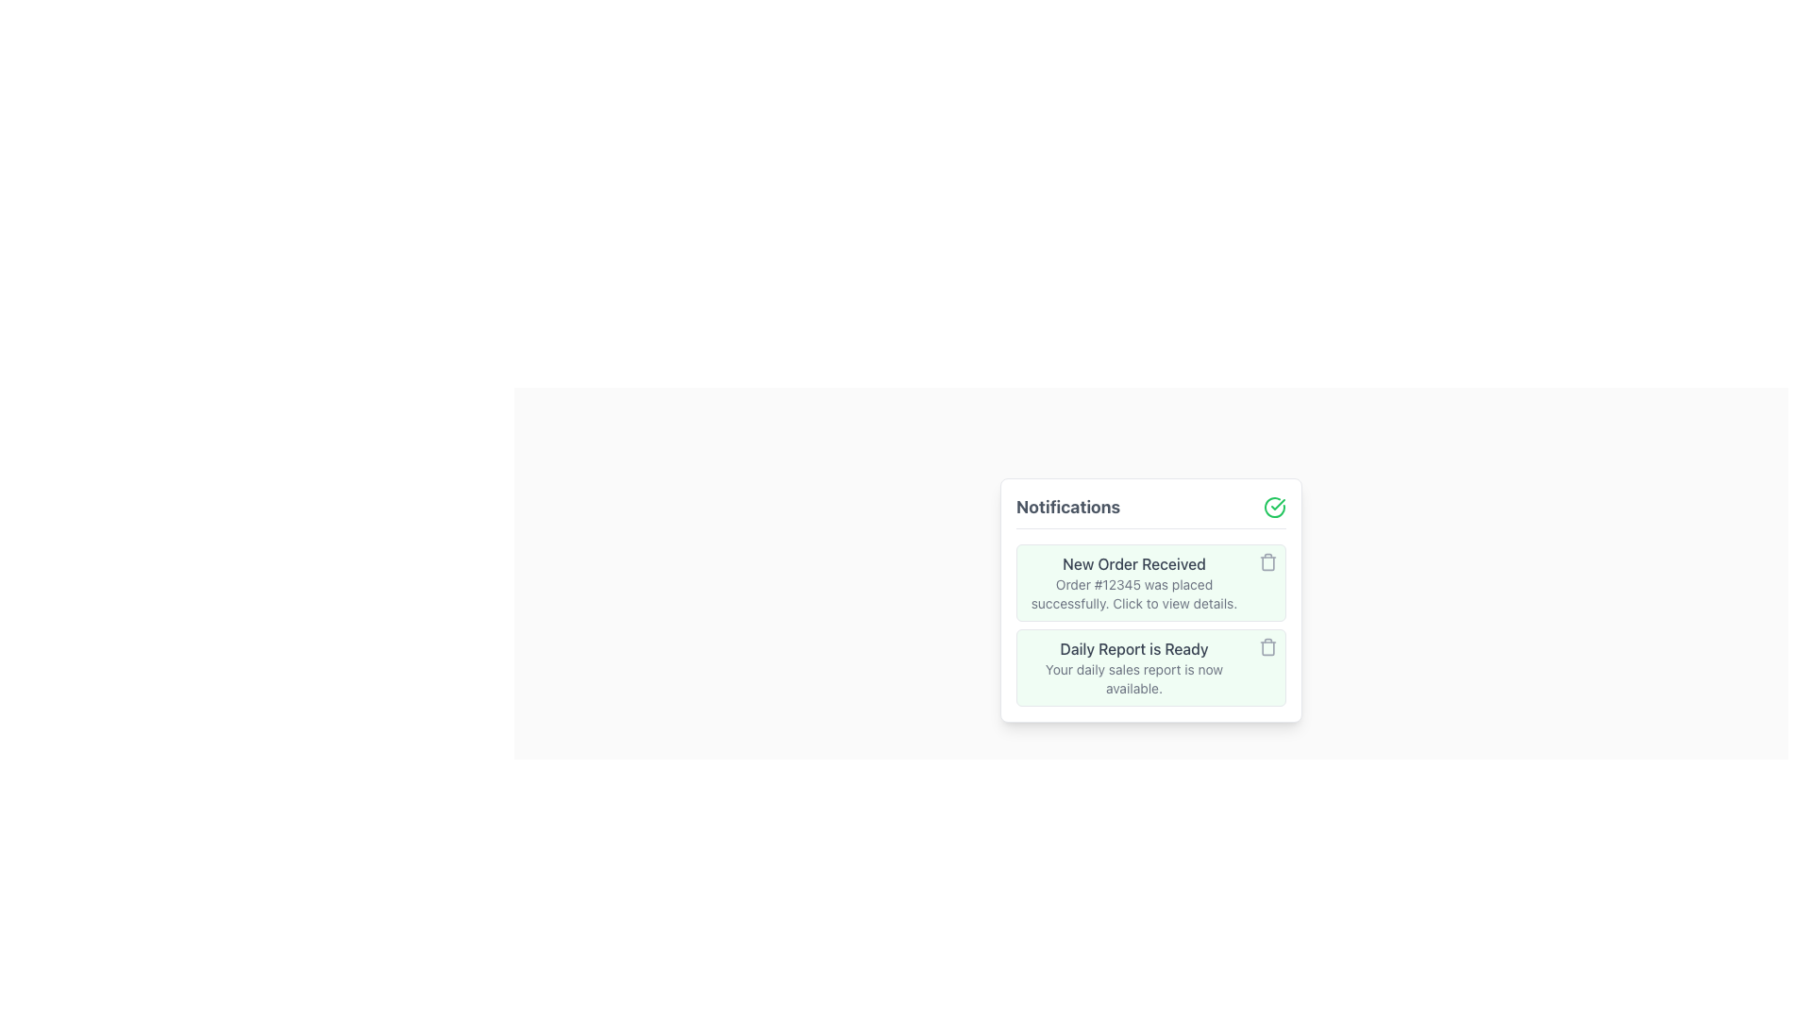  What do you see at coordinates (1268, 646) in the screenshot?
I see `the delete button located in the bottom-right corner of the 'Daily Report is Ready' notification box` at bounding box center [1268, 646].